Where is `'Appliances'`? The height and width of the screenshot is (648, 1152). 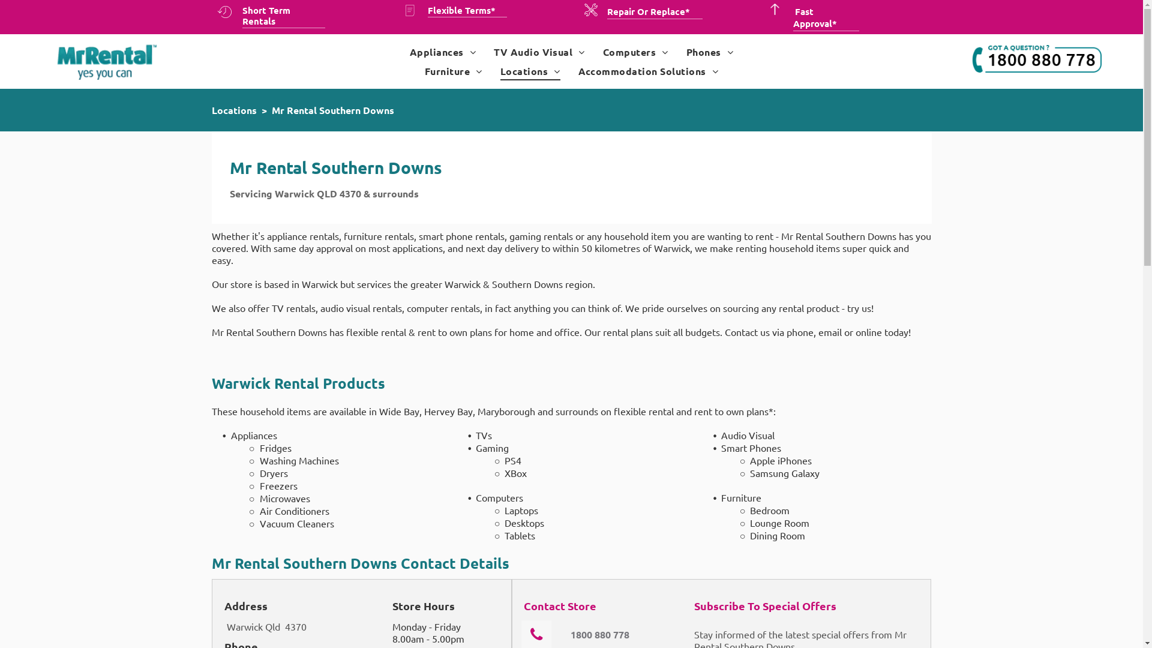 'Appliances' is located at coordinates (442, 51).